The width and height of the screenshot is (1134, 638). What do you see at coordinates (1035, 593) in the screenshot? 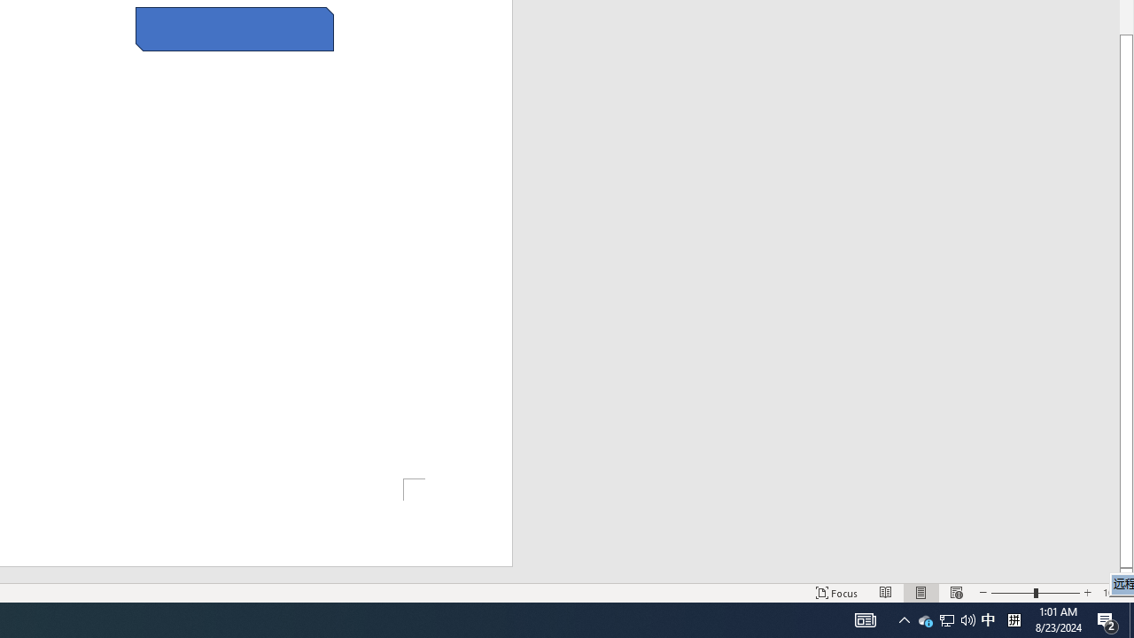
I see `'Zoom'` at bounding box center [1035, 593].